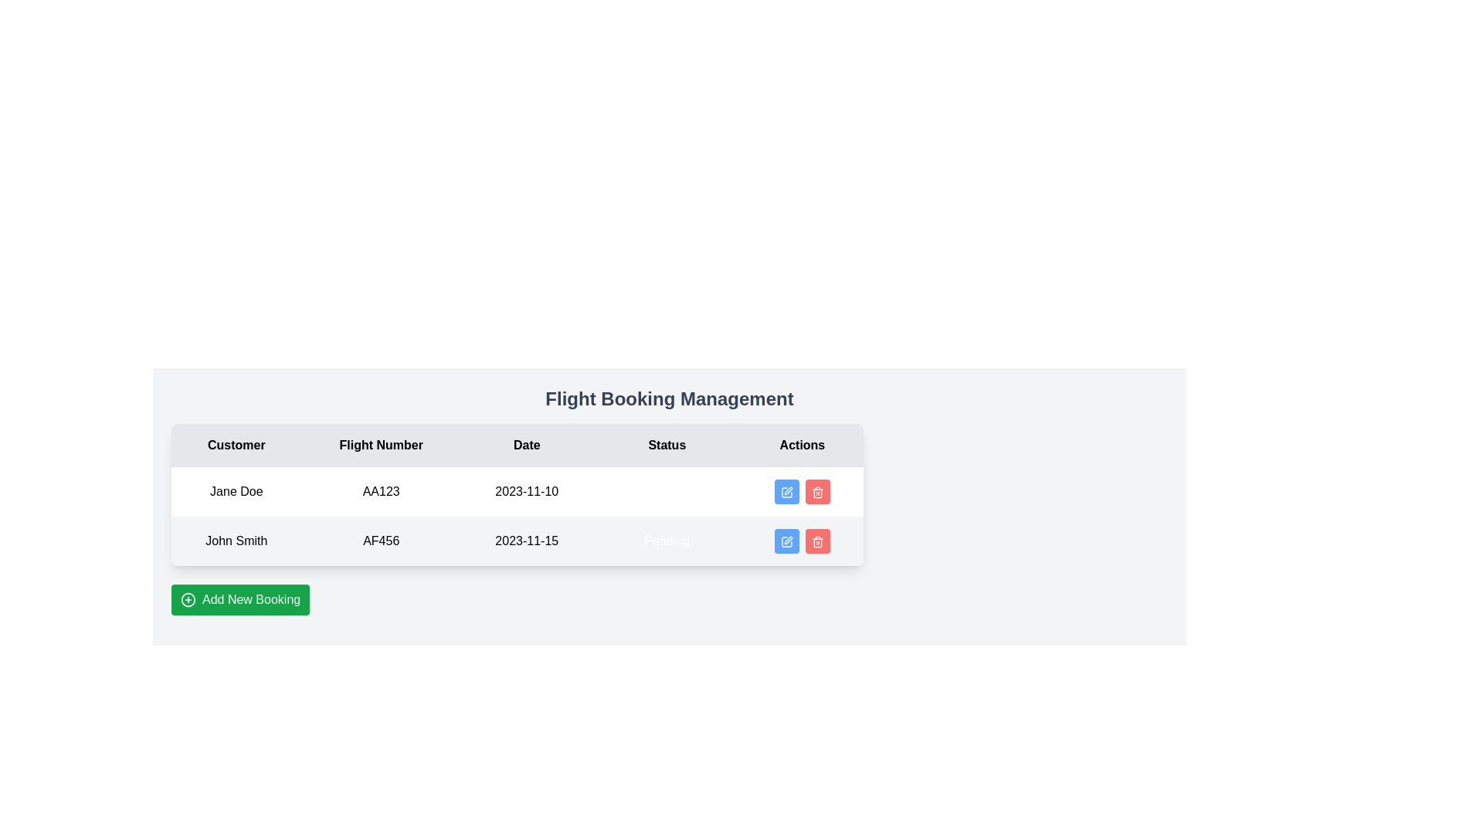 This screenshot has height=834, width=1483. What do you see at coordinates (518, 541) in the screenshot?
I see `the second row of the flight booking table` at bounding box center [518, 541].